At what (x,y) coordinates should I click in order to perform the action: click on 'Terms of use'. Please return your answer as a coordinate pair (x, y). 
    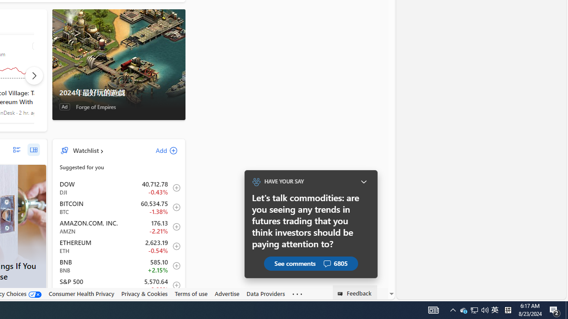
    Looking at the image, I should click on (190, 294).